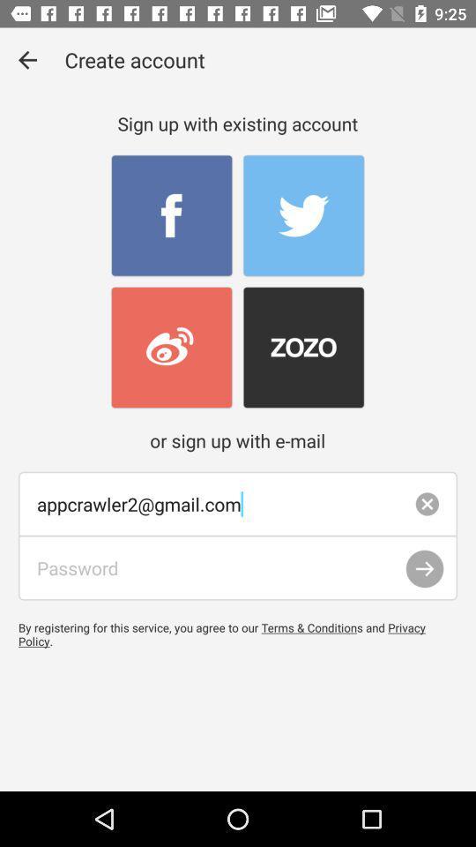 This screenshot has width=476, height=847. I want to click on icon above appcrawler2@gmail.com icon, so click(26, 60).